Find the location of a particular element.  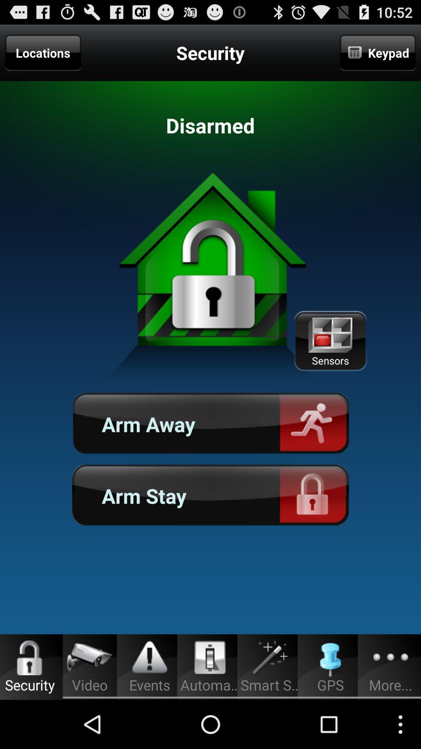

the image above security is located at coordinates (30, 657).